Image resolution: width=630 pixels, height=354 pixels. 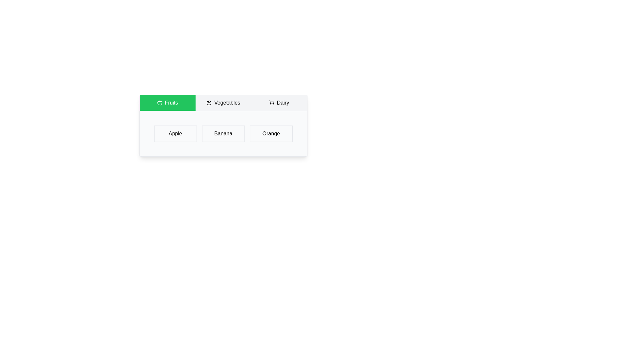 I want to click on the Dairy tab by clicking on its button, so click(x=279, y=103).